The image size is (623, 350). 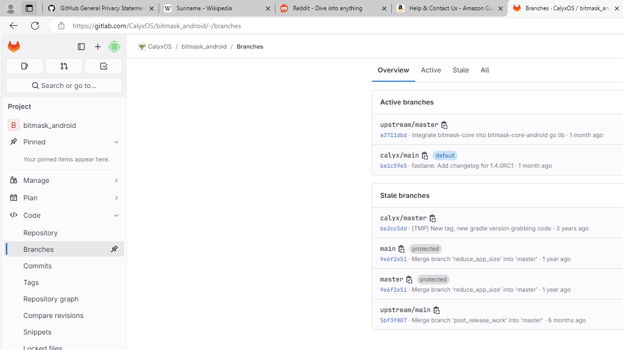 What do you see at coordinates (63, 124) in the screenshot?
I see `'Bbitmask_android'` at bounding box center [63, 124].